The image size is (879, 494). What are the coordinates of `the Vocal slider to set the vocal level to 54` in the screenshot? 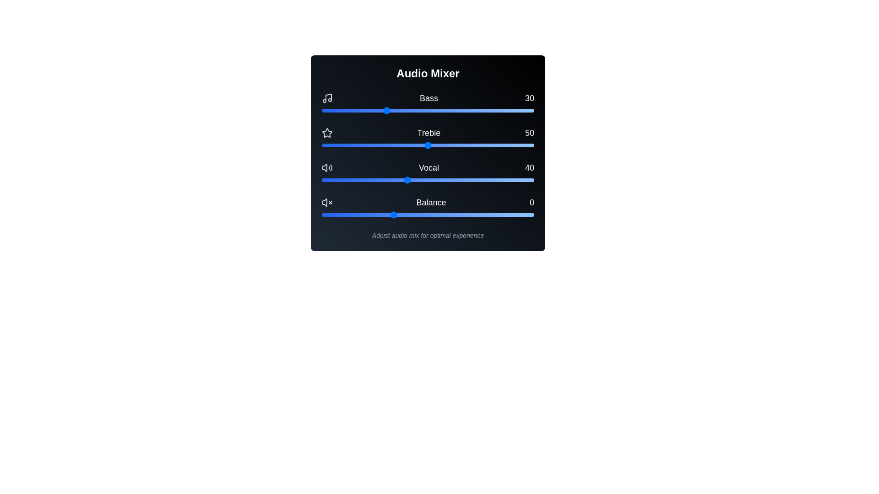 It's located at (436, 180).